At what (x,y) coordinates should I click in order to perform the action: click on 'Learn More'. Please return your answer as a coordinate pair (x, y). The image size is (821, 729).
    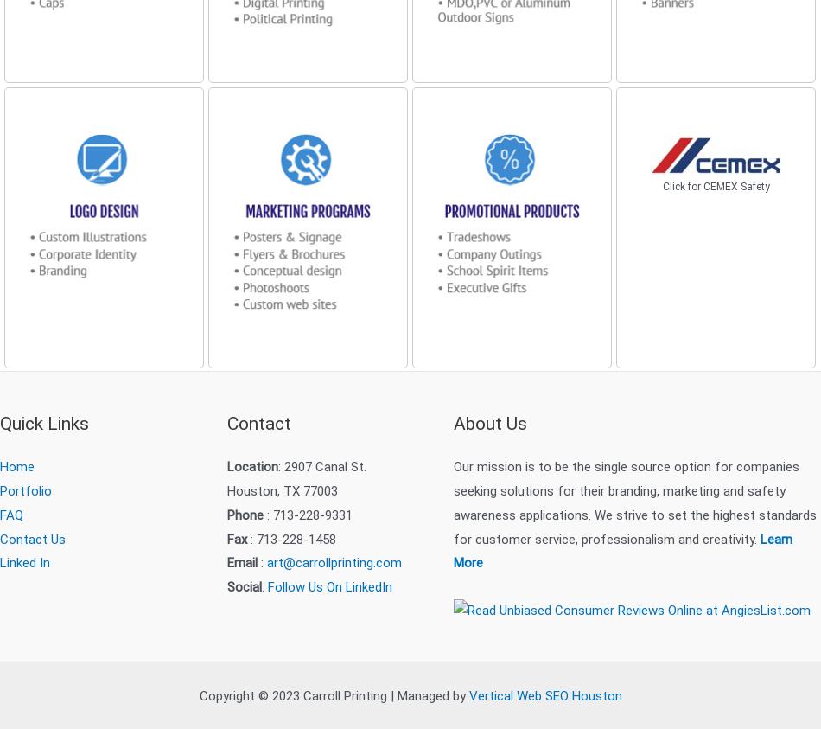
    Looking at the image, I should click on (621, 549).